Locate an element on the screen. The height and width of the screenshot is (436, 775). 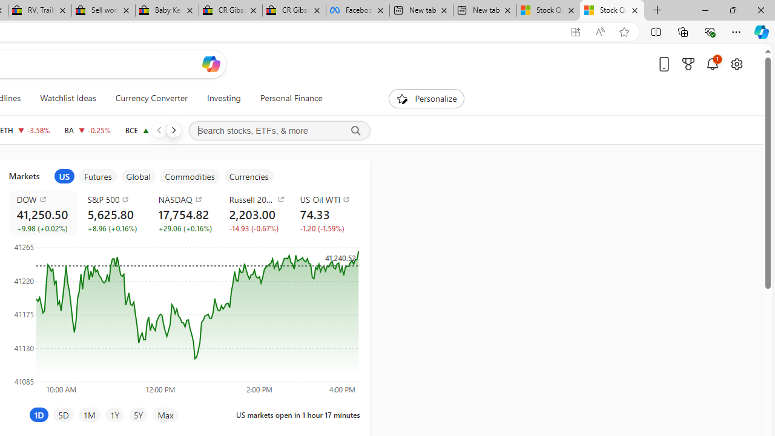
'Search stocks, ETFs, & more' is located at coordinates (279, 131).